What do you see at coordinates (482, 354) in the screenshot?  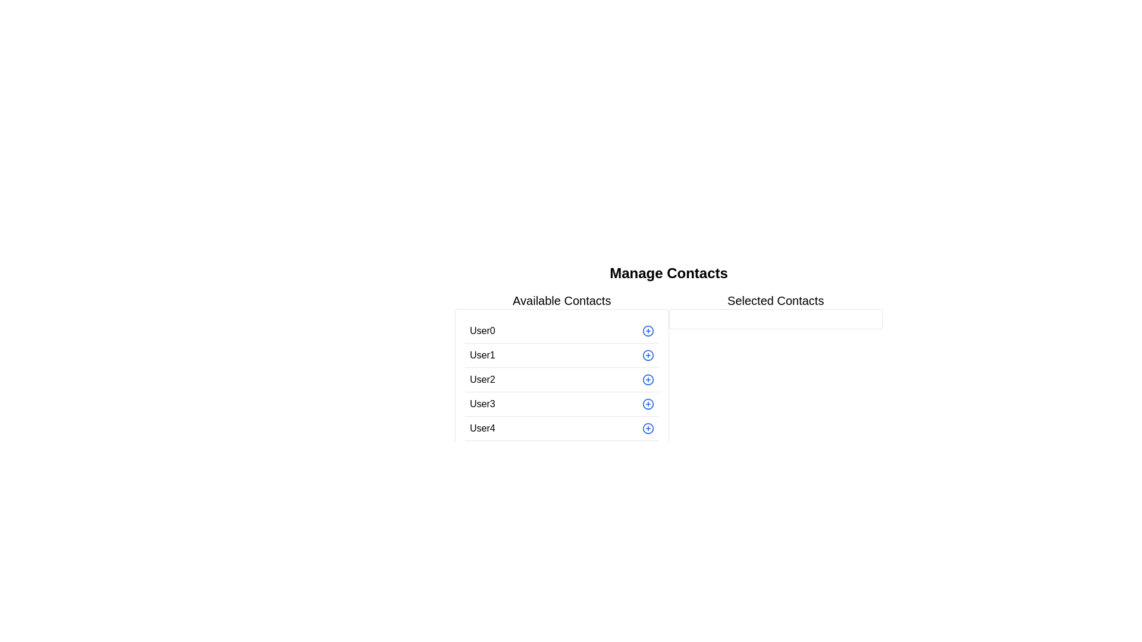 I see `the contact identifier text element for 'User1' in the 'Available Contacts' list` at bounding box center [482, 354].